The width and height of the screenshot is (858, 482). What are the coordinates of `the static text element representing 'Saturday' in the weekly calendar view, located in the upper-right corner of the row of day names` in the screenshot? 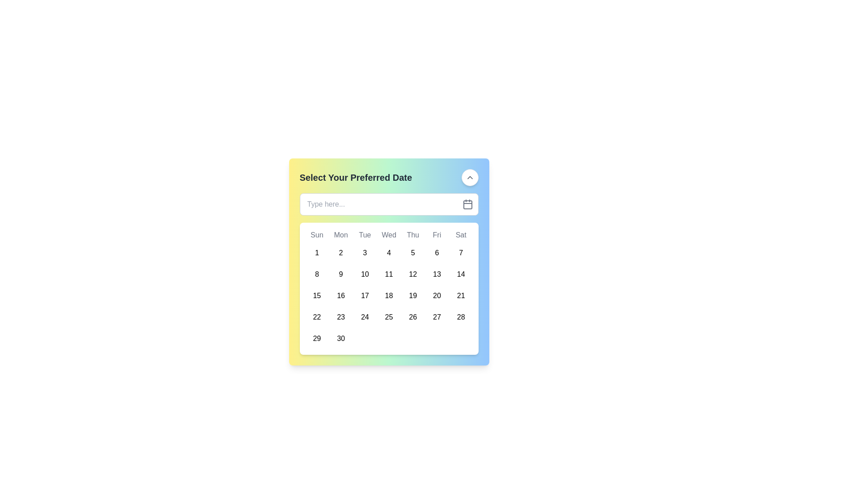 It's located at (461, 235).